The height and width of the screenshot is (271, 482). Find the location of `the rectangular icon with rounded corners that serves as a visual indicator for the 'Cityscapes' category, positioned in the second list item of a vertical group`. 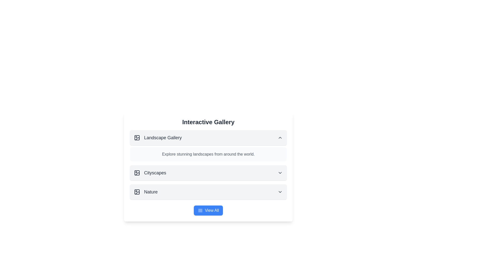

the rectangular icon with rounded corners that serves as a visual indicator for the 'Cityscapes' category, positioned in the second list item of a vertical group is located at coordinates (137, 173).